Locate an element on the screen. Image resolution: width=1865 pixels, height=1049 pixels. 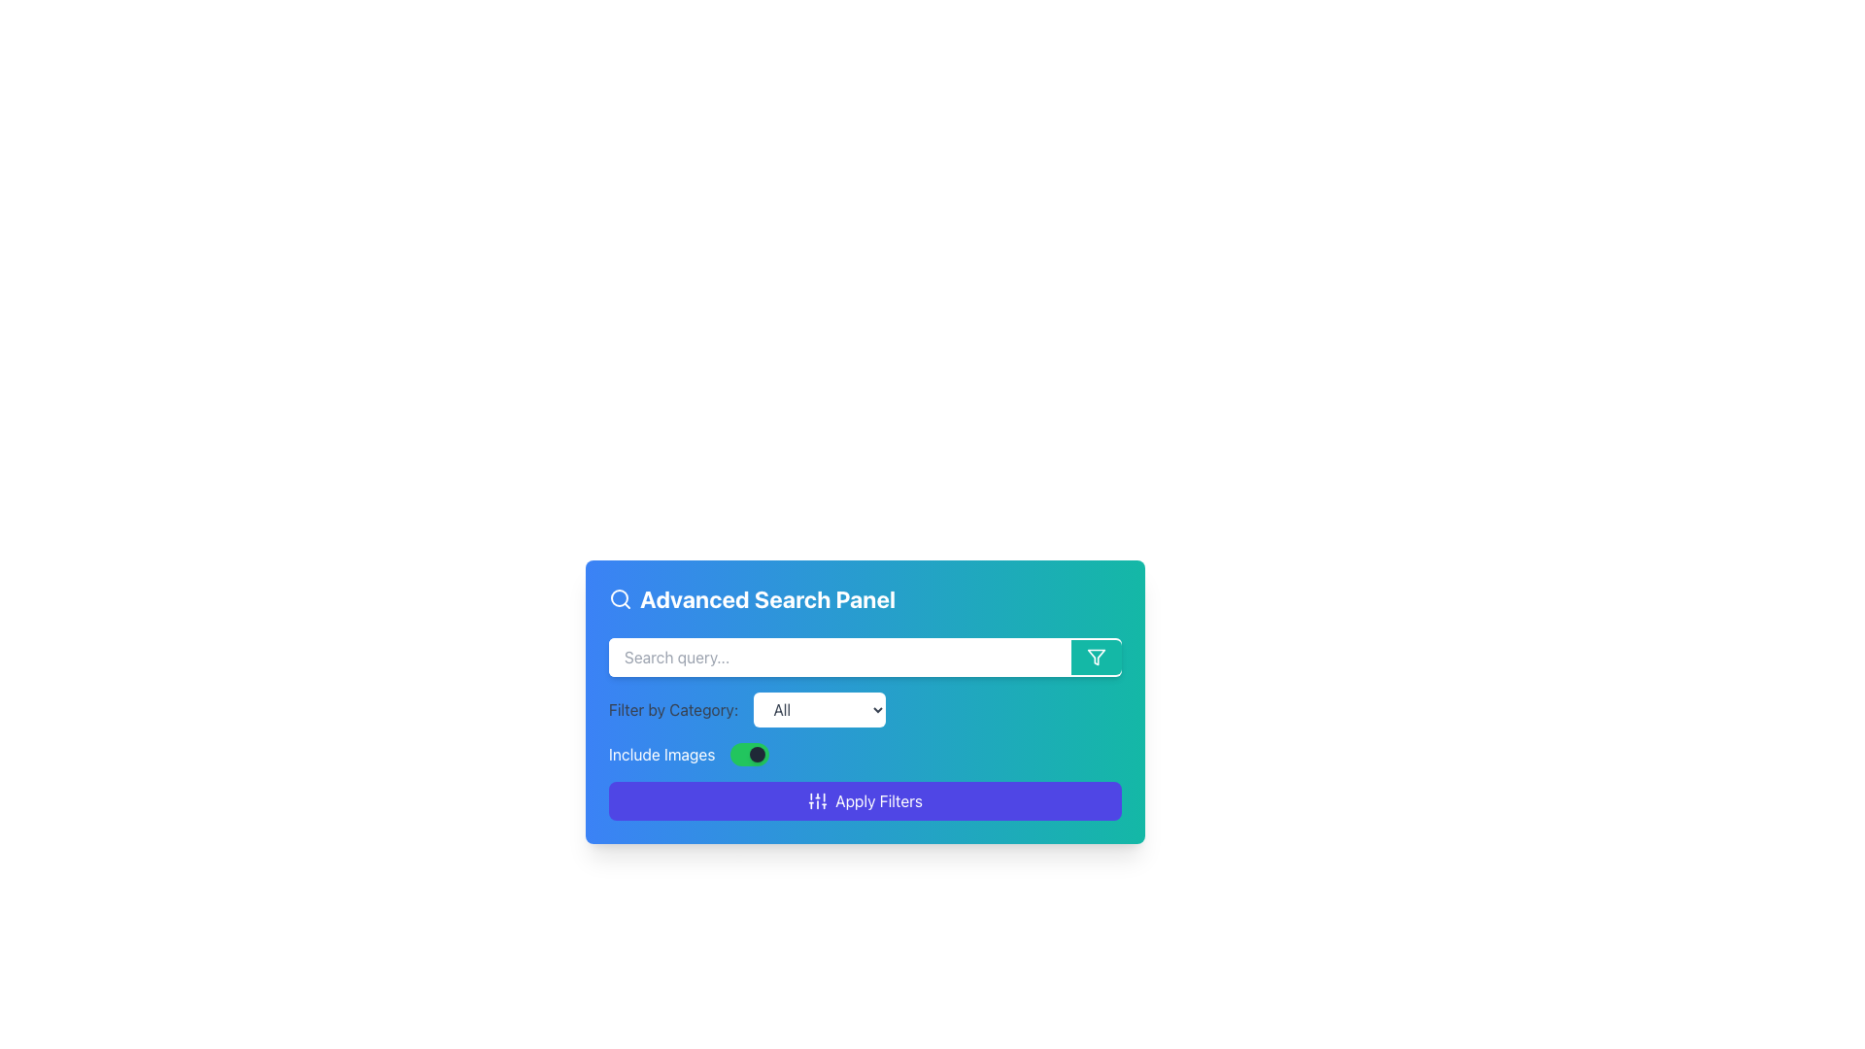
the text label displaying 'Filter by Category:' which is aligned with the dropdown menu labeled 'All' is located at coordinates (673, 710).